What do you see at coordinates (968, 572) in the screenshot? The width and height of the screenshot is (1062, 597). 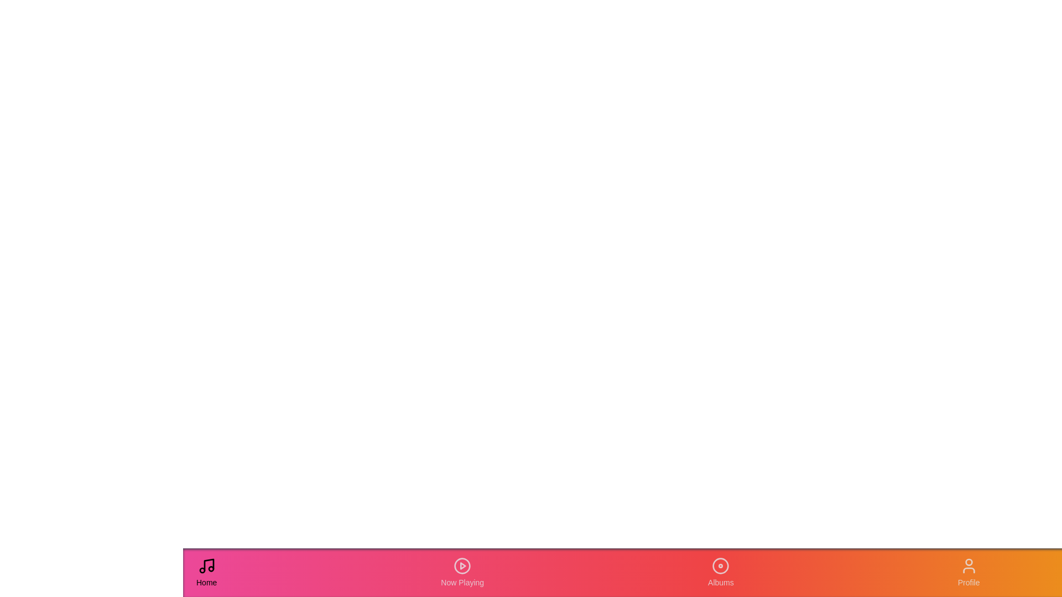 I see `the 'Profile' tab in the navigation bar` at bounding box center [968, 572].